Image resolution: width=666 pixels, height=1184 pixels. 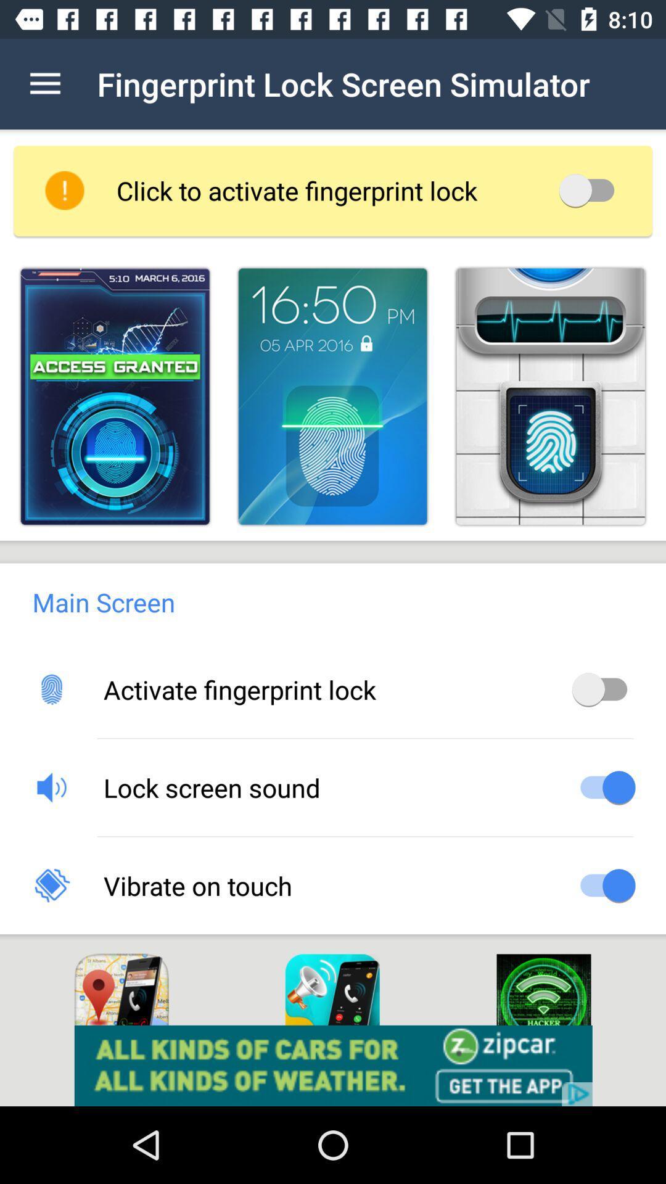 I want to click on off, so click(x=590, y=189).